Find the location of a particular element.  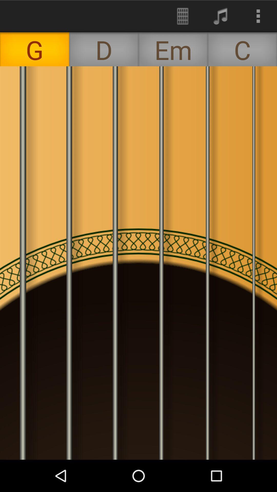

the item next to d is located at coordinates (173, 49).